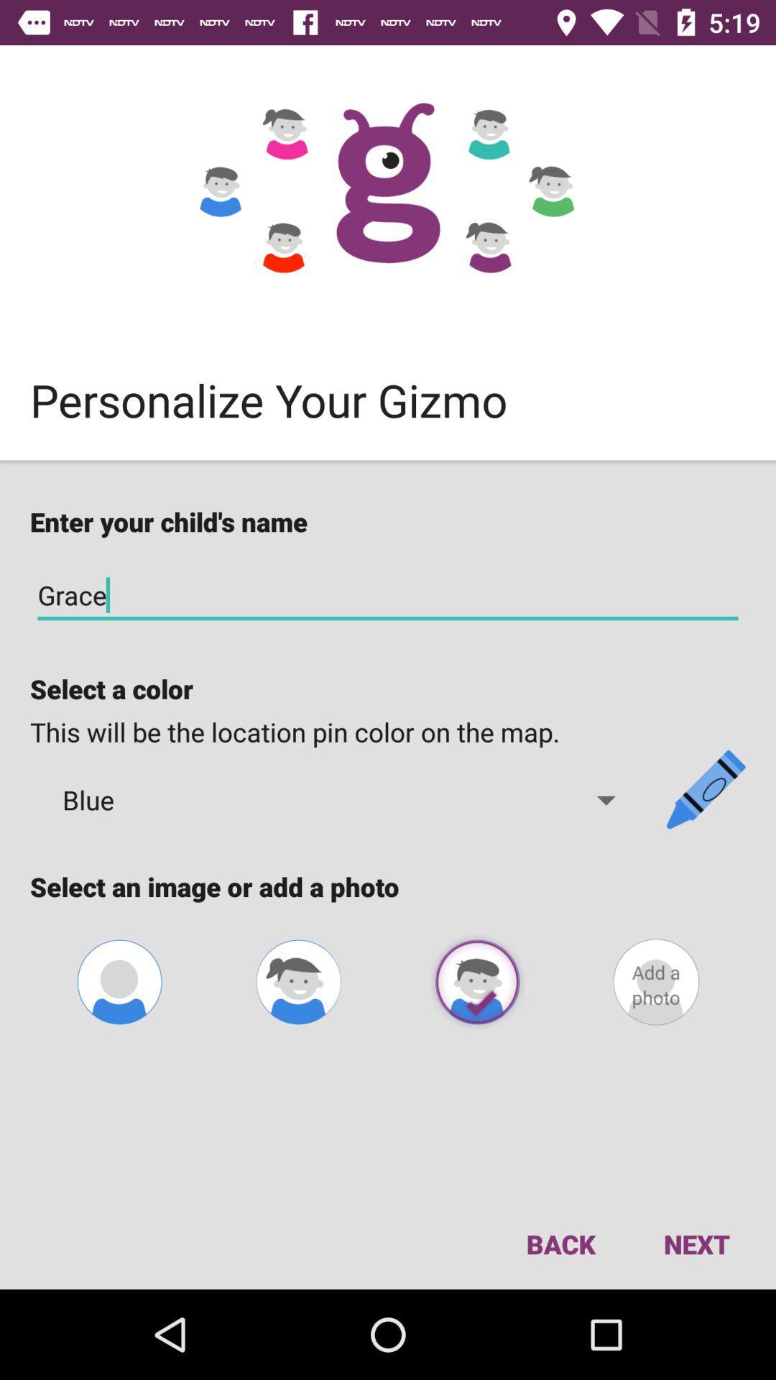 The image size is (776, 1380). Describe the element at coordinates (119, 981) in the screenshot. I see `photo profile` at that location.